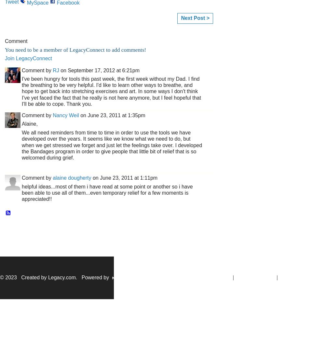 Image resolution: width=326 pixels, height=348 pixels. Describe the element at coordinates (56, 70) in the screenshot. I see `'RJ'` at that location.